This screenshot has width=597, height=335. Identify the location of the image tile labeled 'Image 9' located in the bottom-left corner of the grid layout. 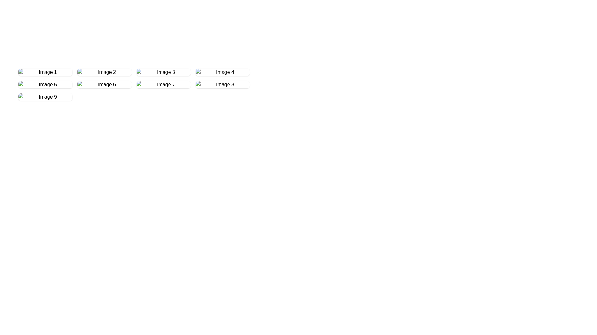
(45, 97).